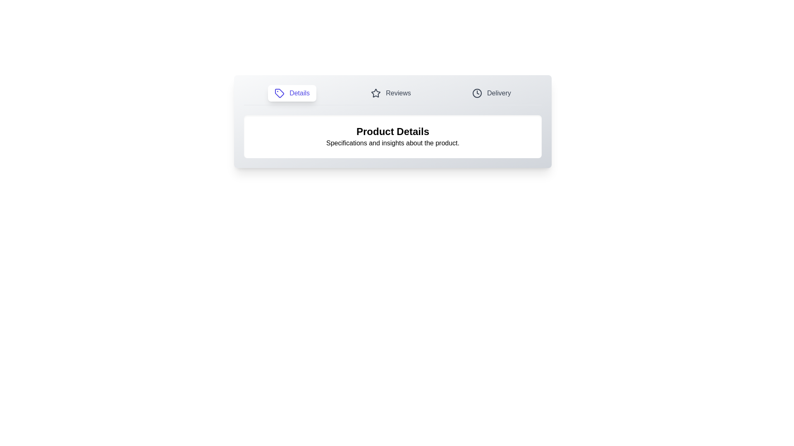  Describe the element at coordinates (292, 93) in the screenshot. I see `the Details tab` at that location.